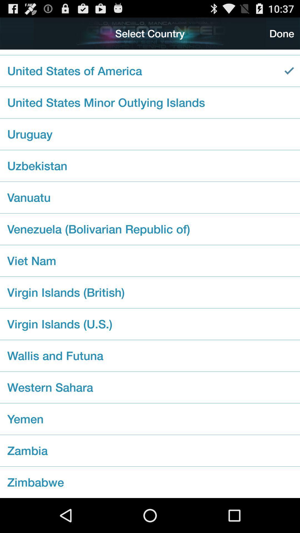  What do you see at coordinates (150, 419) in the screenshot?
I see `yemen icon` at bounding box center [150, 419].